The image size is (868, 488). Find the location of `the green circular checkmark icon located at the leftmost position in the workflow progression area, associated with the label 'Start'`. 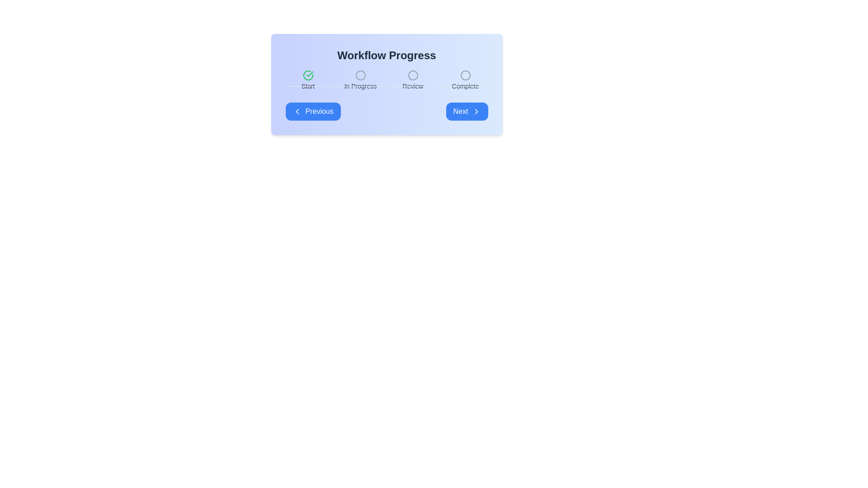

the green circular checkmark icon located at the leftmost position in the workflow progression area, associated with the label 'Start' is located at coordinates (308, 75).